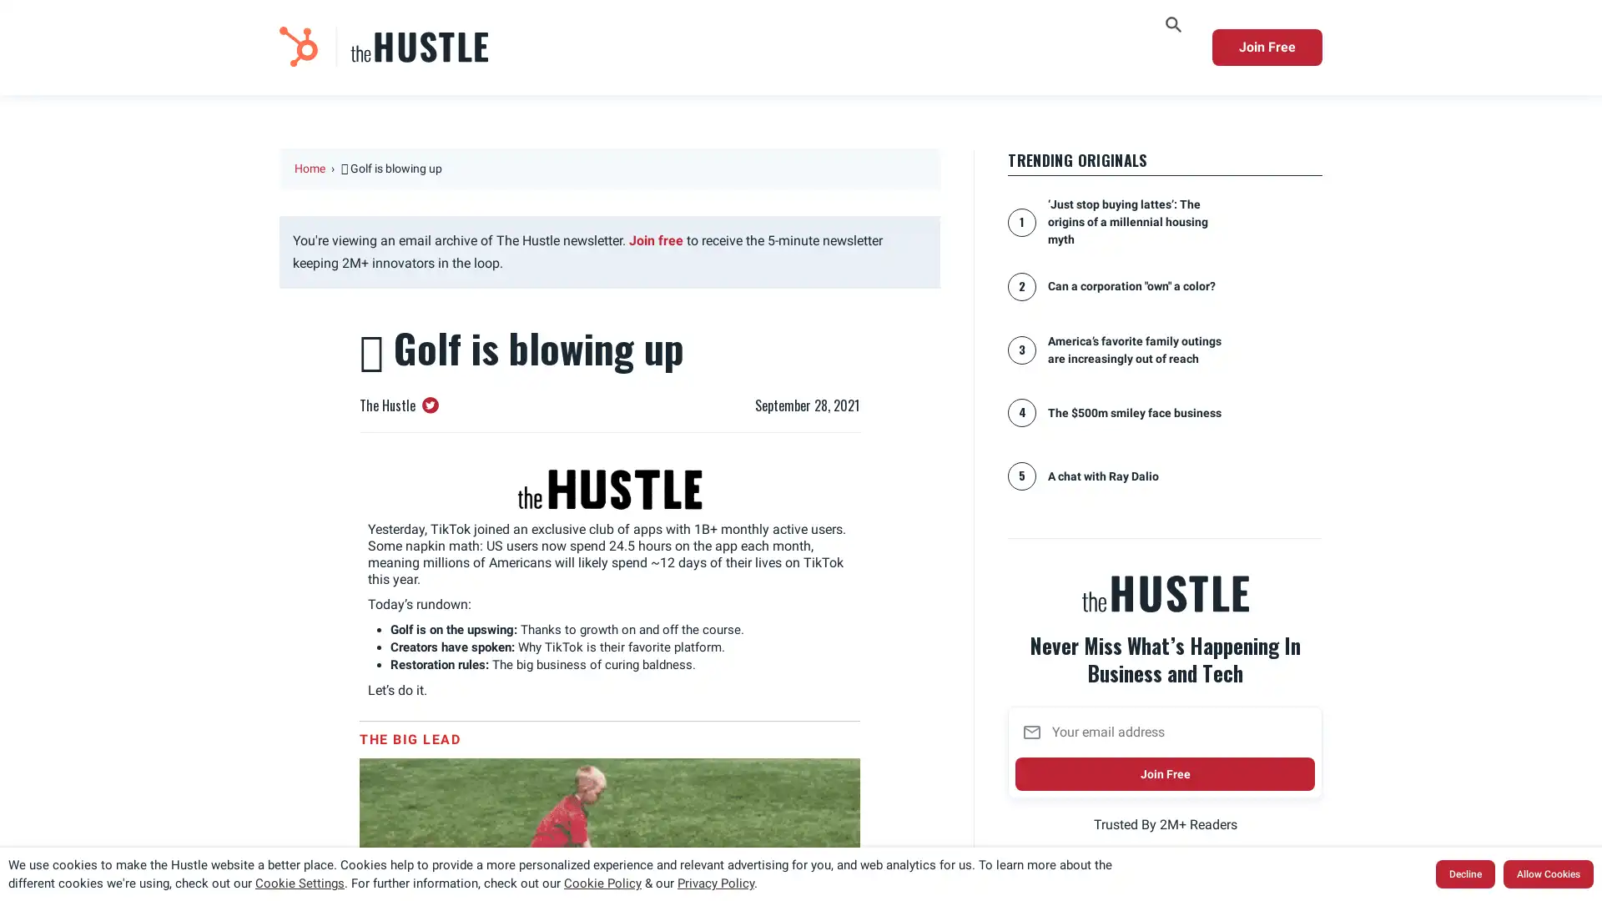  What do you see at coordinates (1548, 873) in the screenshot?
I see `Allow Cookies` at bounding box center [1548, 873].